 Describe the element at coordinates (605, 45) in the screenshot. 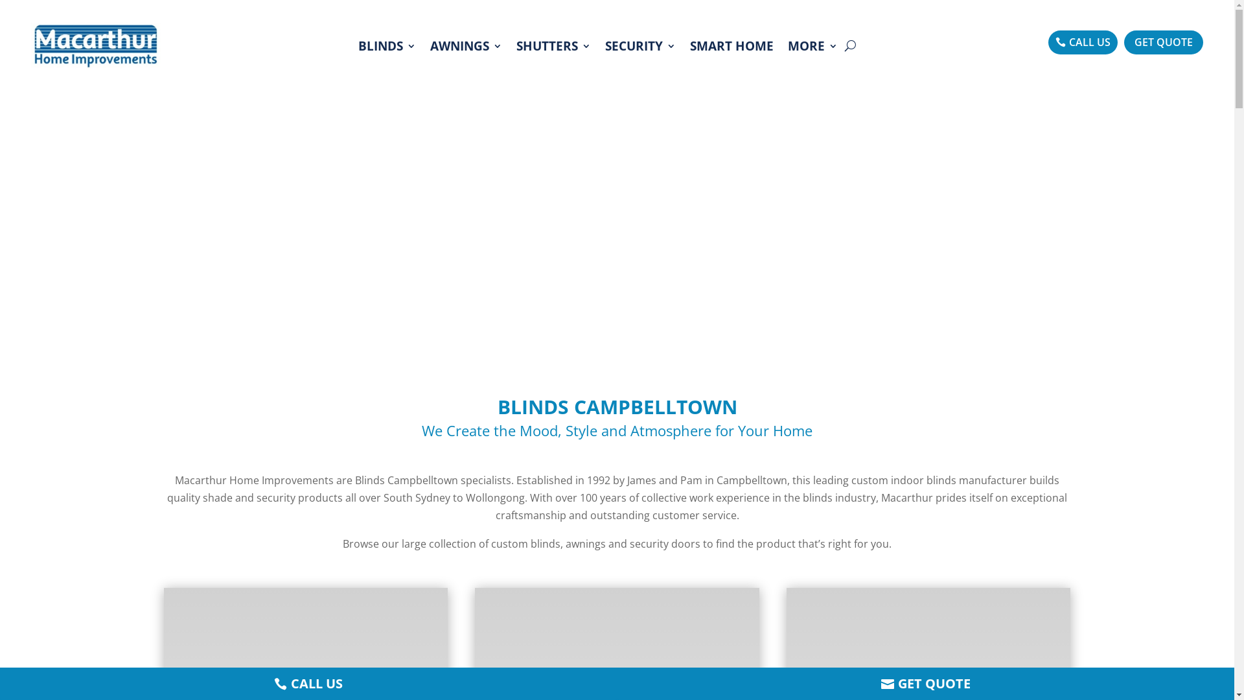

I see `'SECURITY'` at that location.